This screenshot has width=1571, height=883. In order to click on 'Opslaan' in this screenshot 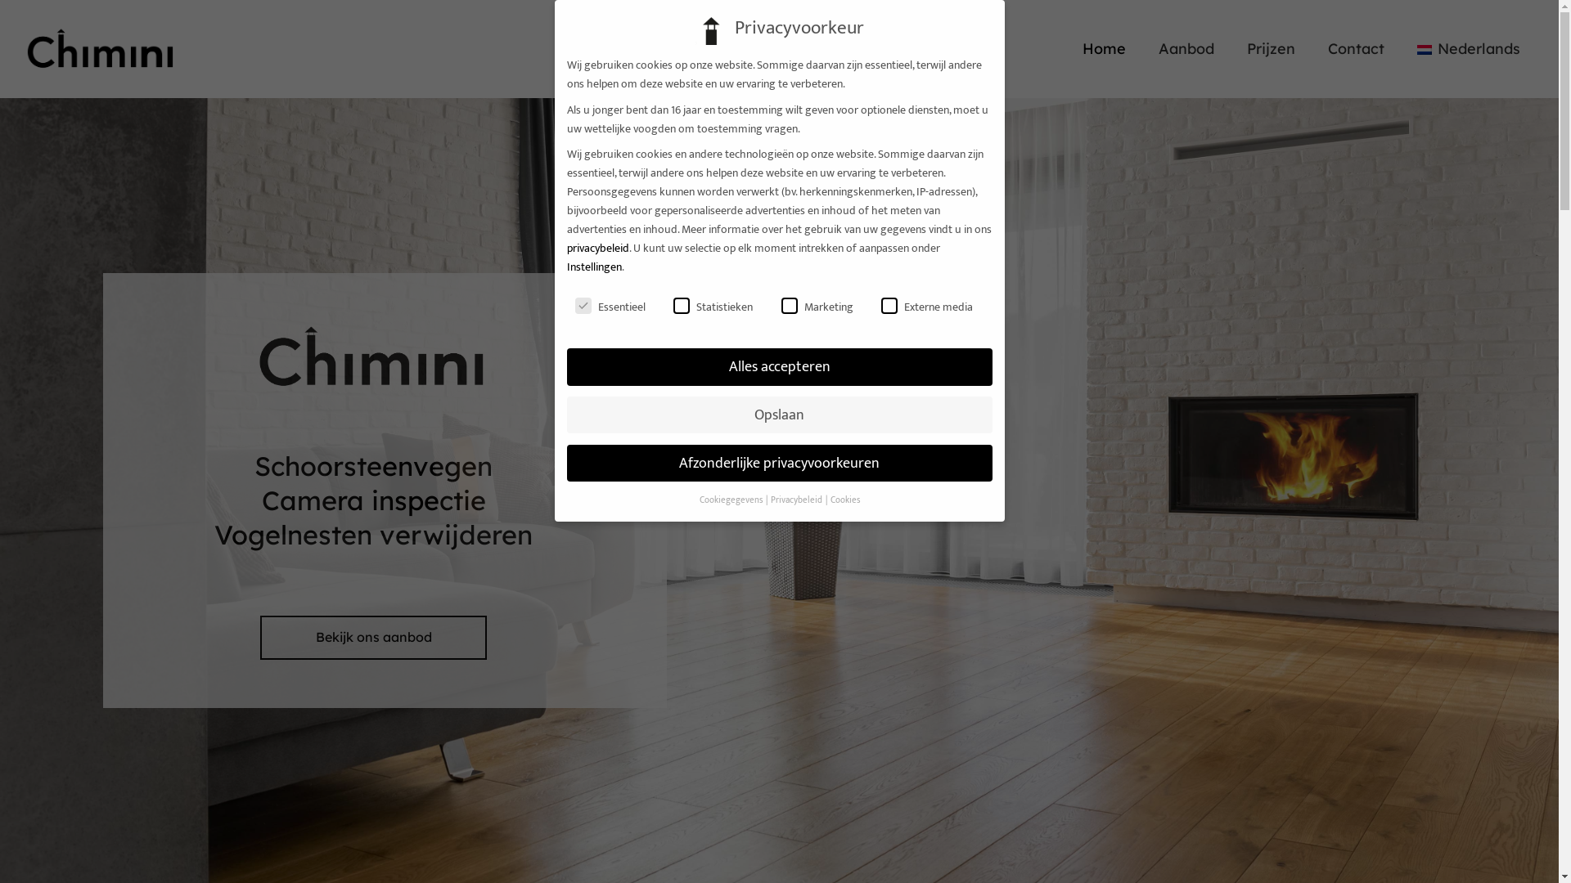, I will do `click(777, 415)`.